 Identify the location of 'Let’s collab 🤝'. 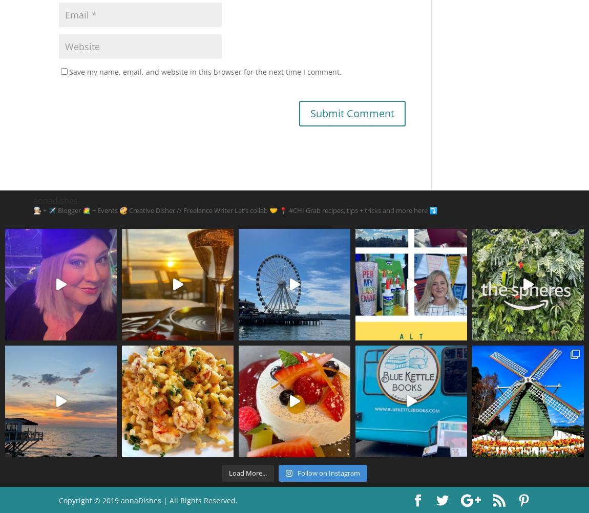
(256, 210).